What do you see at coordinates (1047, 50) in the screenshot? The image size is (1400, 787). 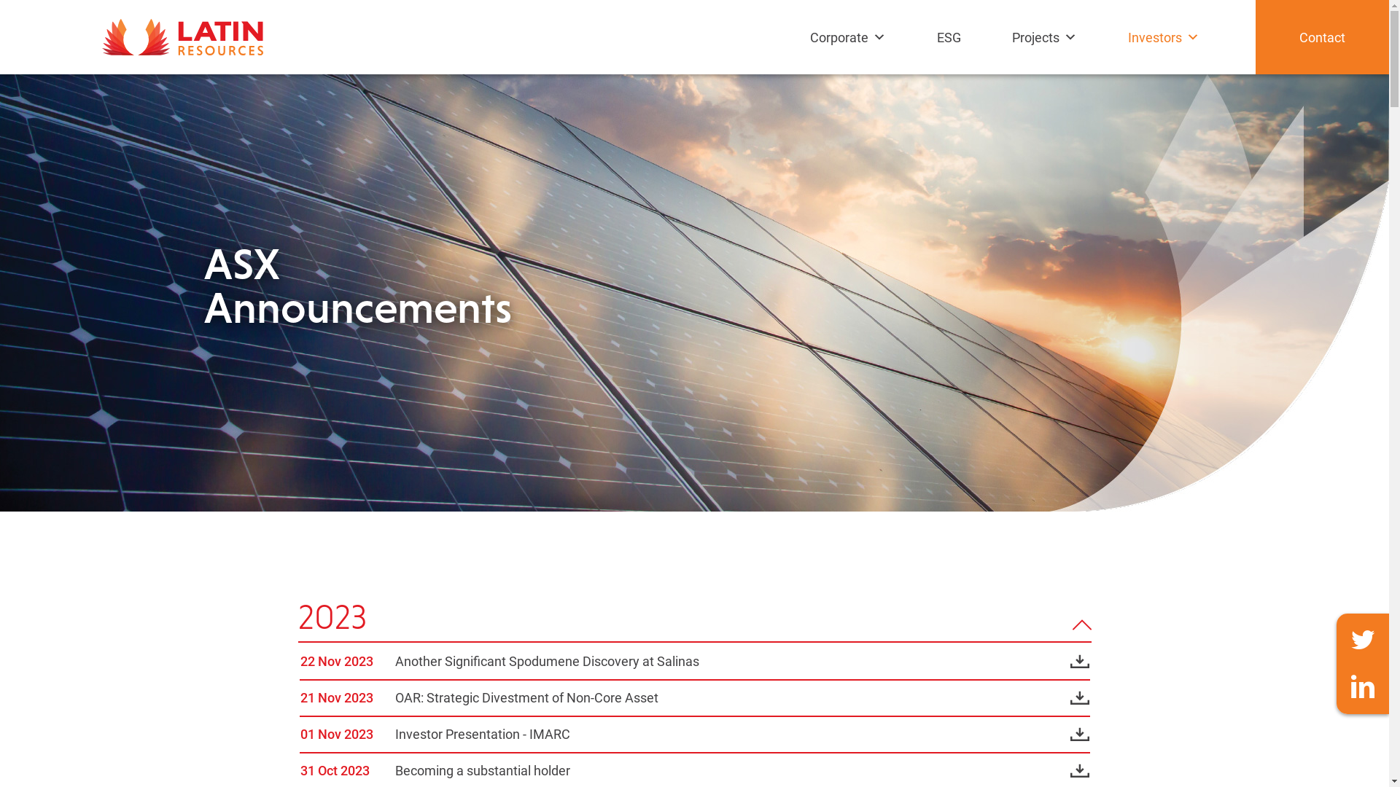 I see `'Projects'` at bounding box center [1047, 50].